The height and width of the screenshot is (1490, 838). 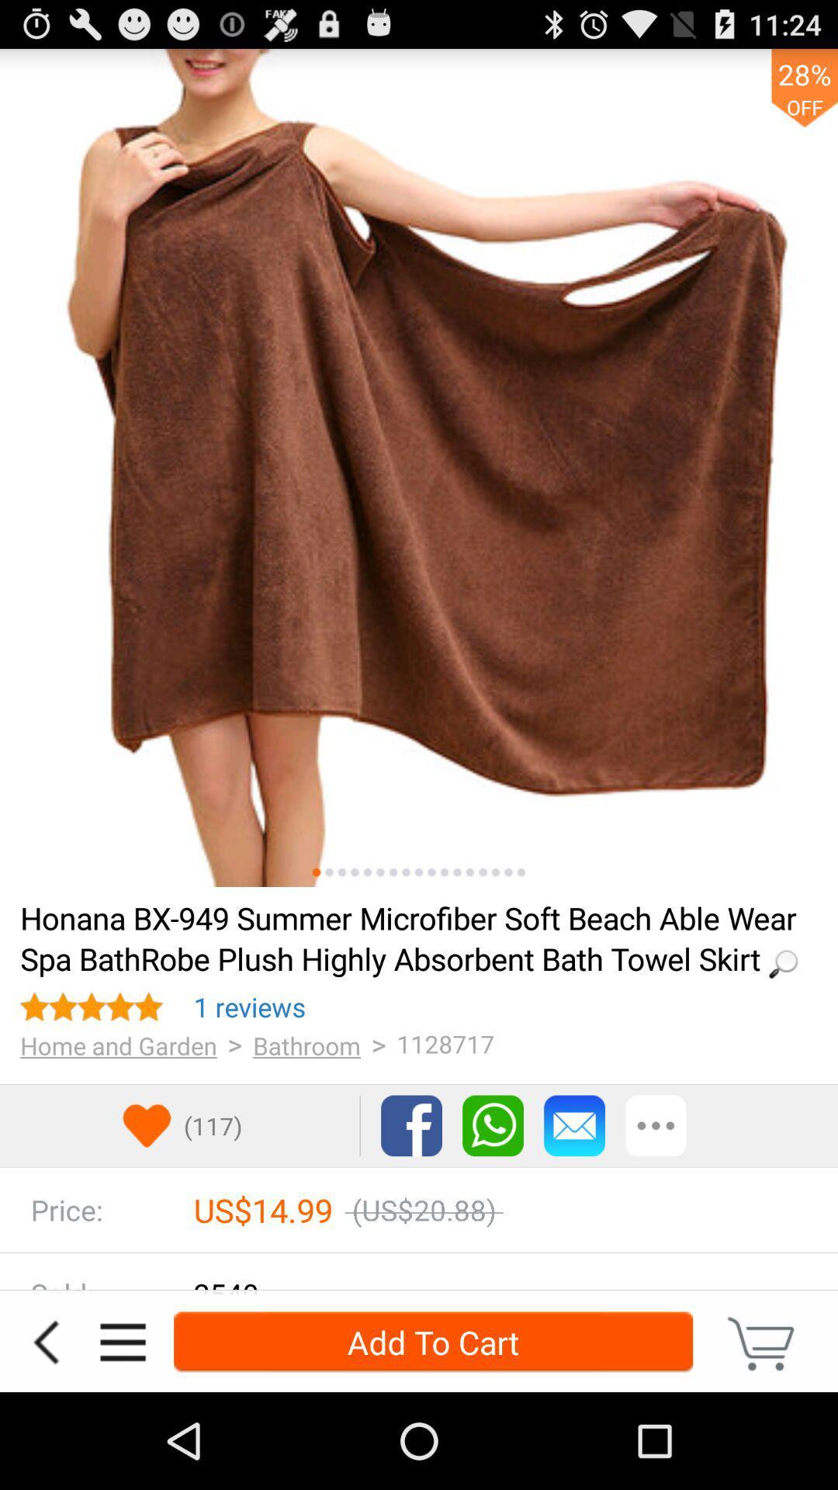 What do you see at coordinates (45, 1341) in the screenshot?
I see `go back` at bounding box center [45, 1341].